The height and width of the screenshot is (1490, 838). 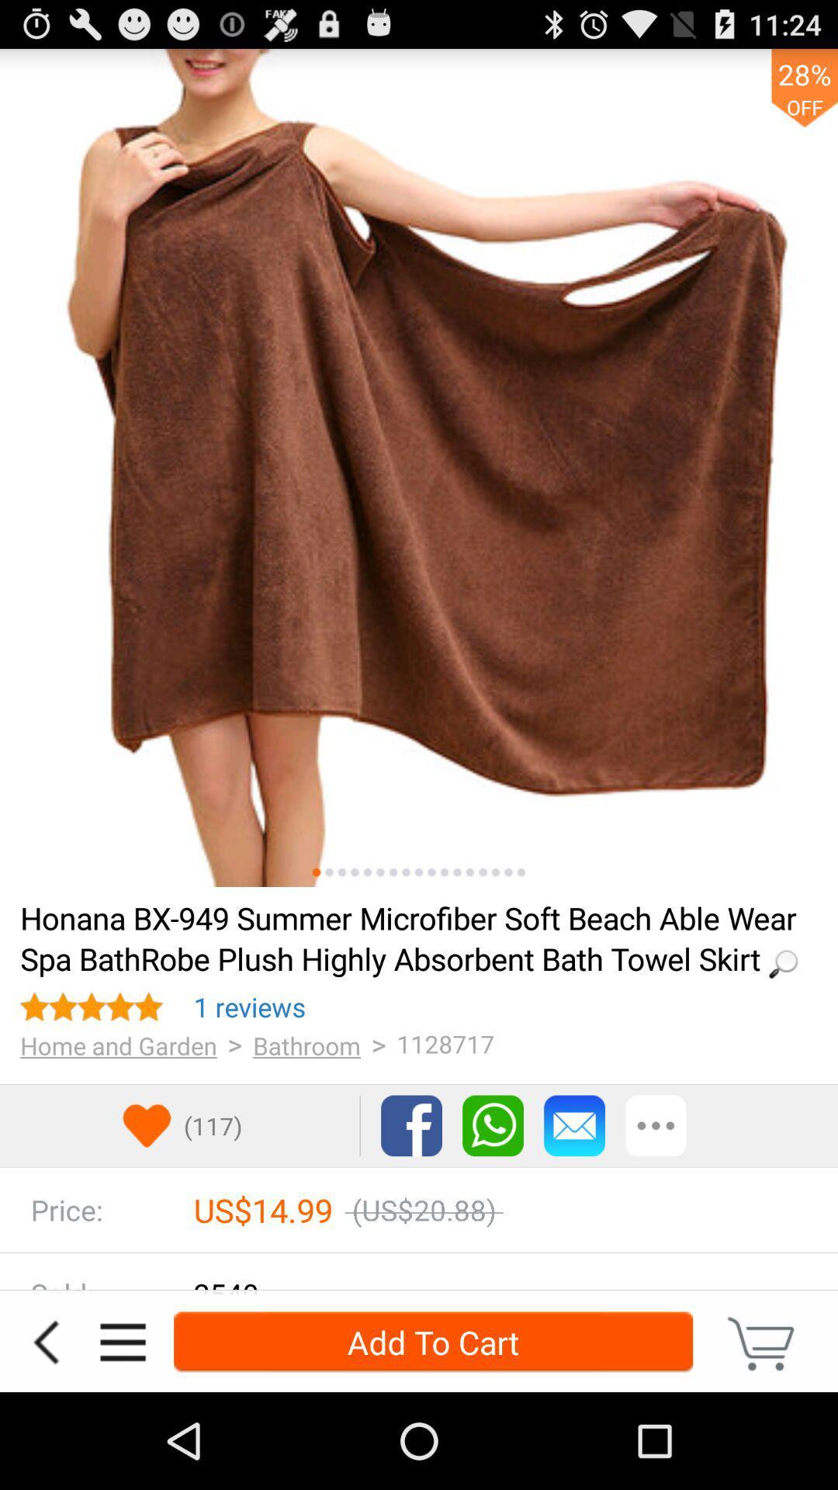 What do you see at coordinates (45, 1341) in the screenshot?
I see `go back` at bounding box center [45, 1341].